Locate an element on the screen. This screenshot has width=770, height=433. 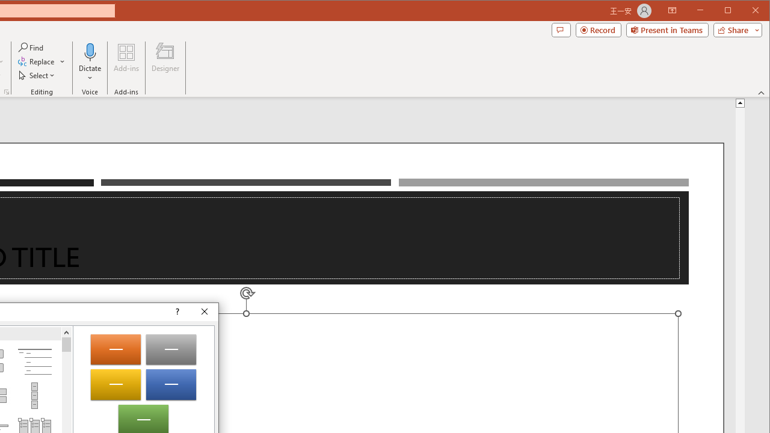
'Varying Width List' is located at coordinates (34, 396).